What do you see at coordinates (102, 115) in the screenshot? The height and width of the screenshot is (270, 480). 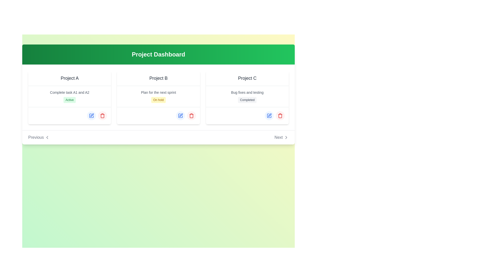 I see `the delete button located in the bottom right corner of the 'Project A' card in the 'Project Dashboard' section to observe the hover effect` at bounding box center [102, 115].